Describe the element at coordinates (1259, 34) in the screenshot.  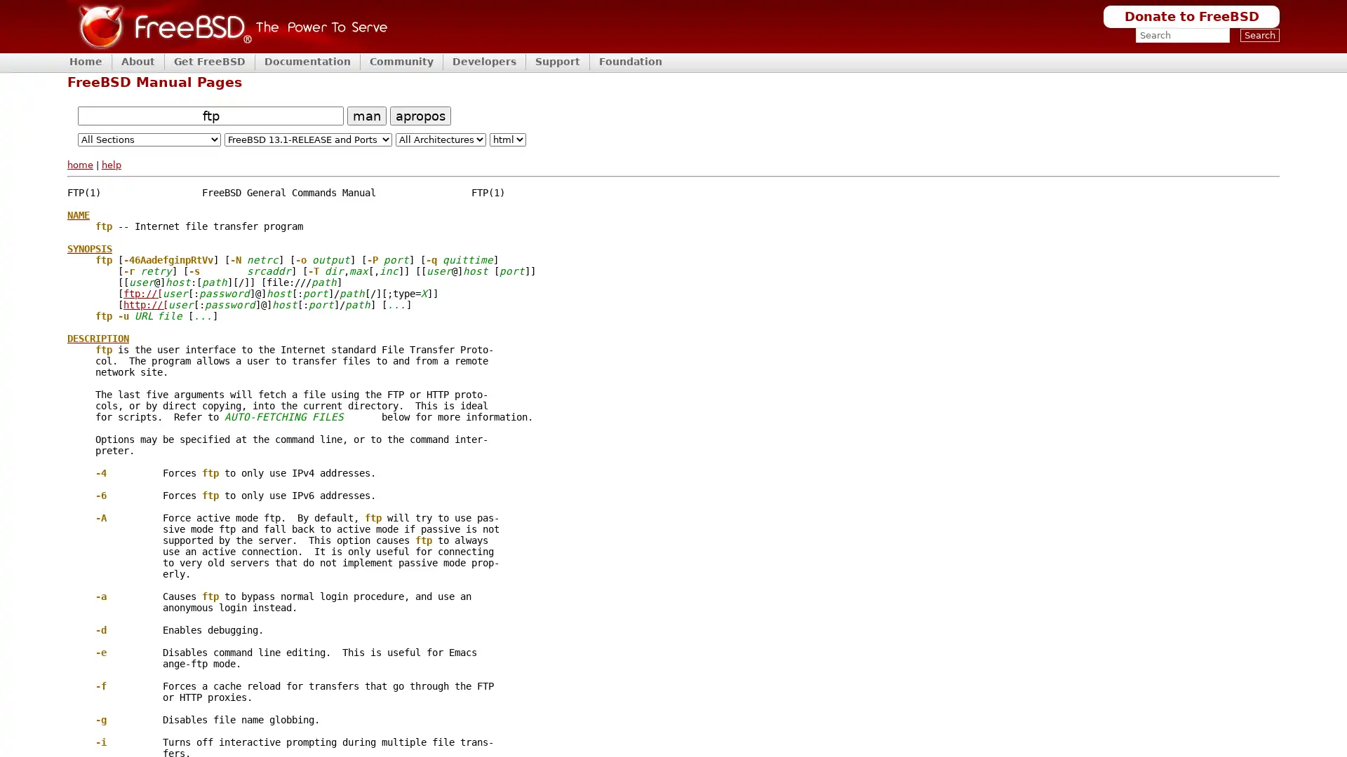
I see `Search` at that location.